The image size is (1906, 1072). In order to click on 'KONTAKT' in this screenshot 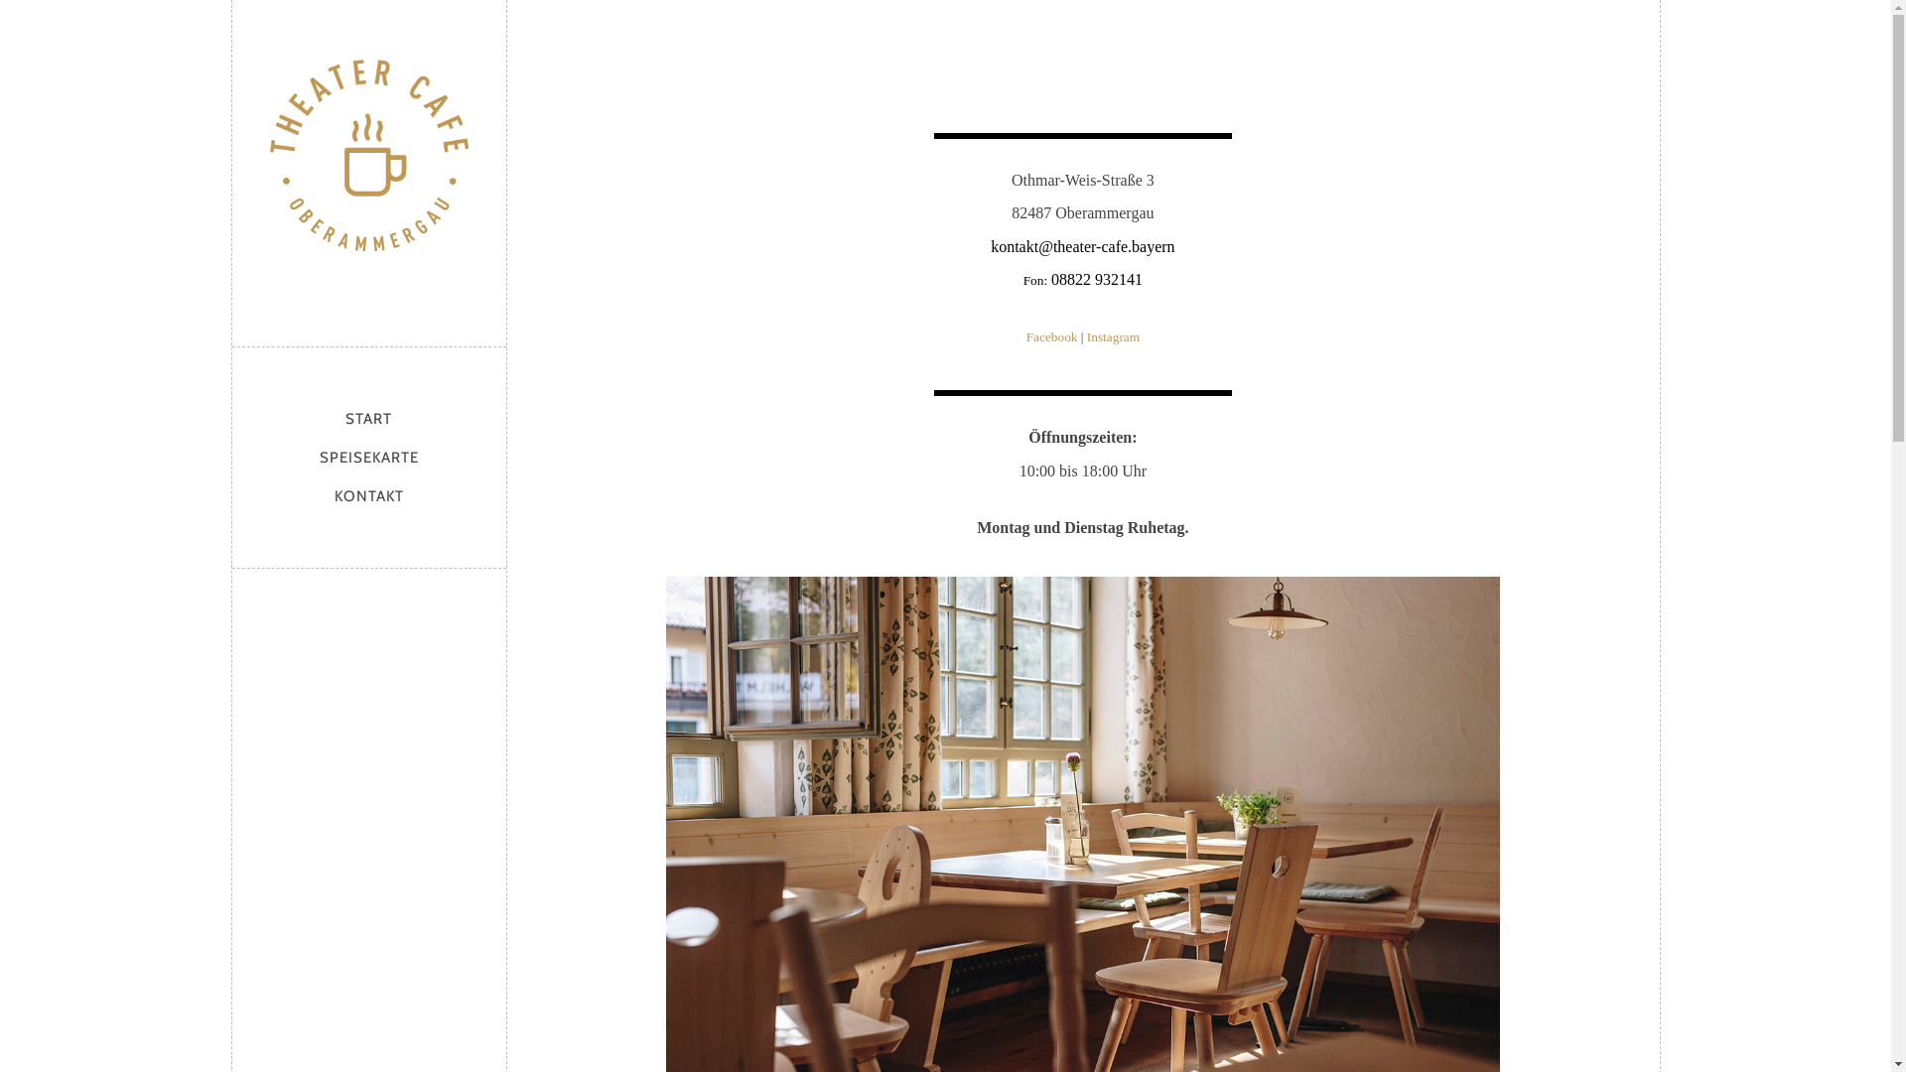, I will do `click(369, 495)`.